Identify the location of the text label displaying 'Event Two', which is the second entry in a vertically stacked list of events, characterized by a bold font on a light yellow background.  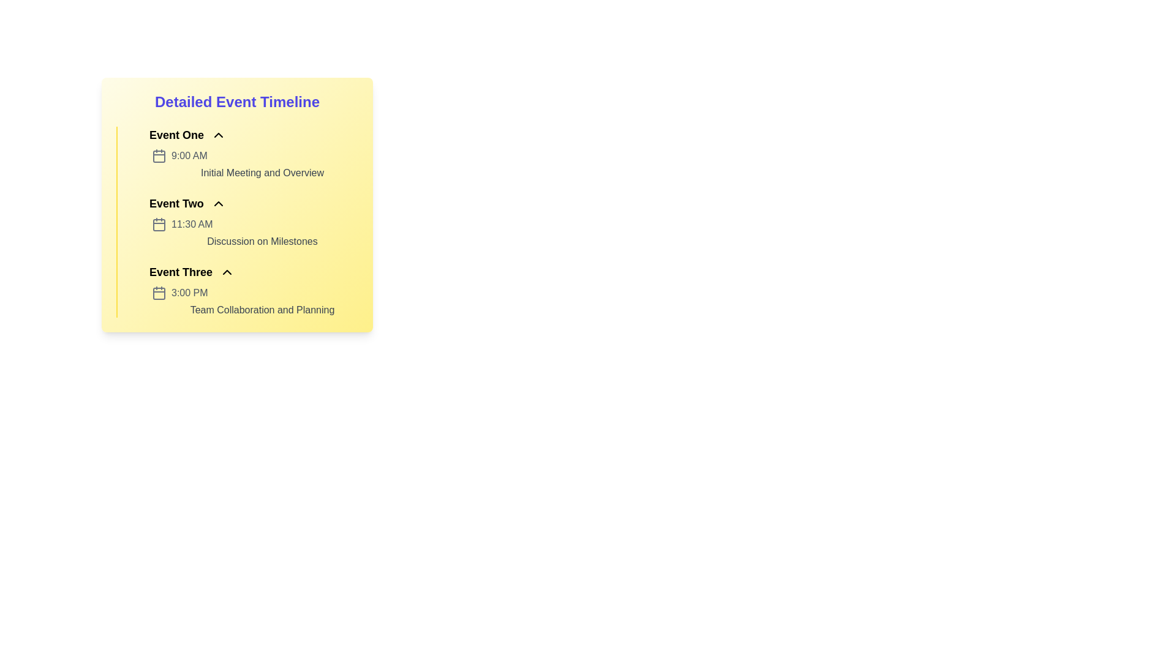
(176, 203).